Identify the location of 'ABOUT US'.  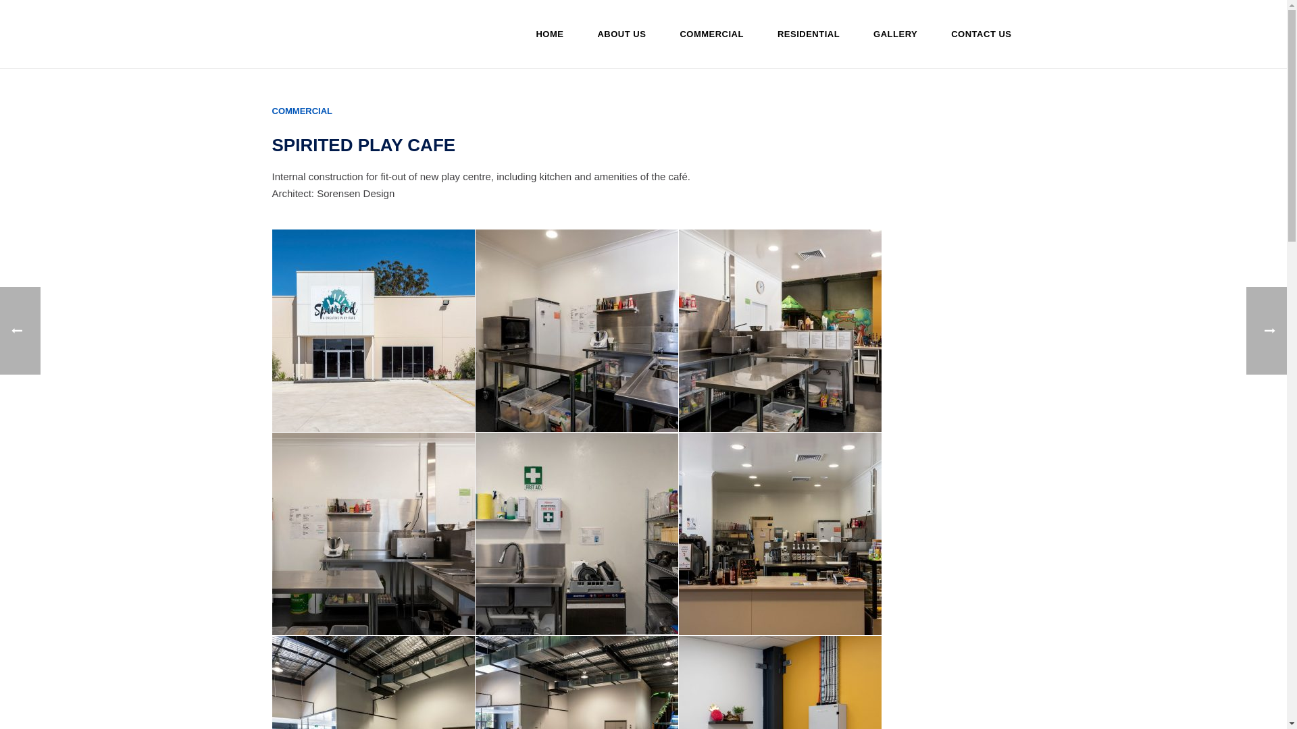
(621, 33).